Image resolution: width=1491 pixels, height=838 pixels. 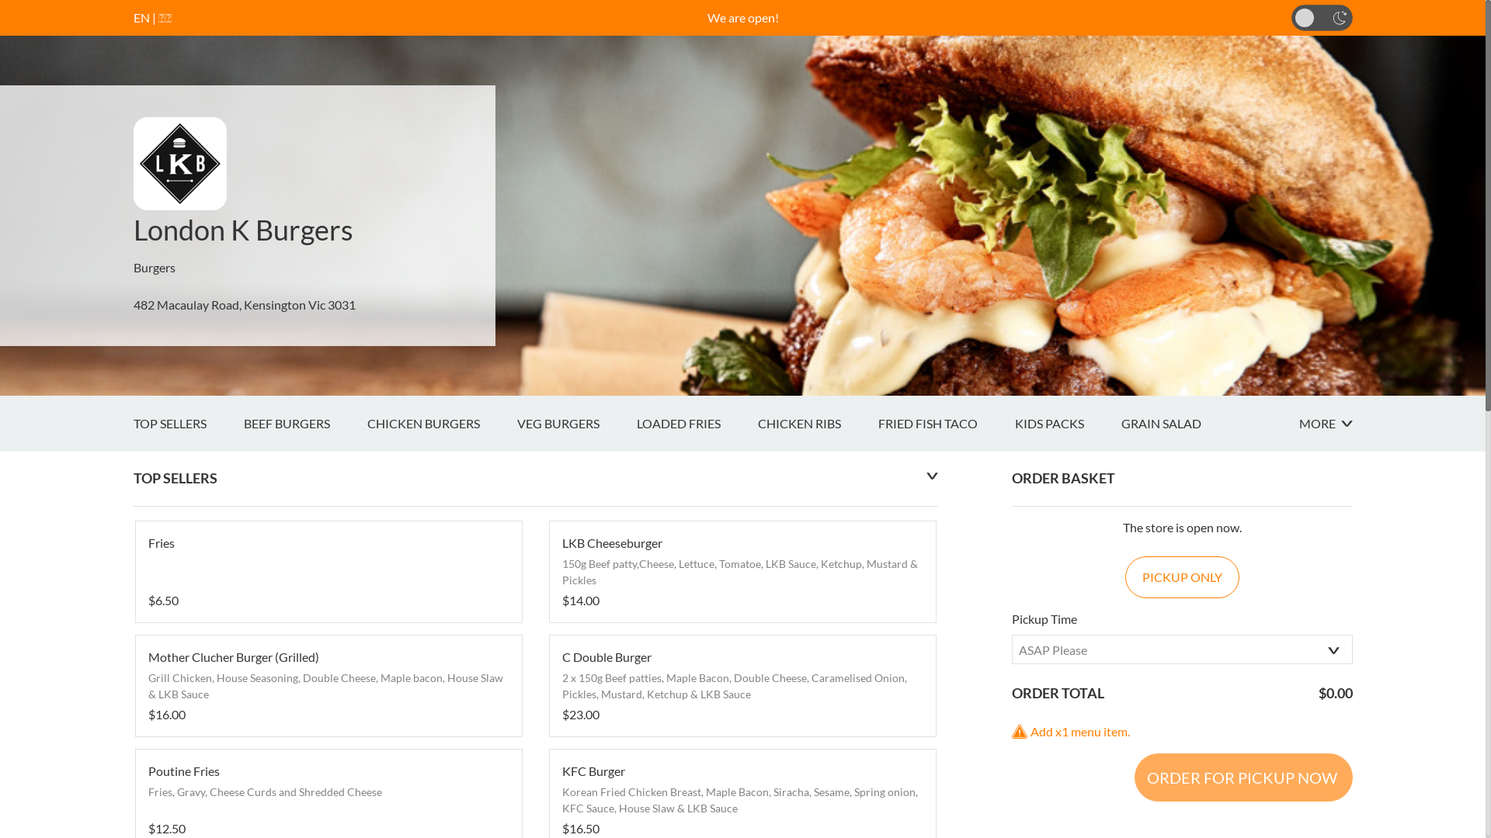 What do you see at coordinates (242, 424) in the screenshot?
I see `'BEEF BURGERS'` at bounding box center [242, 424].